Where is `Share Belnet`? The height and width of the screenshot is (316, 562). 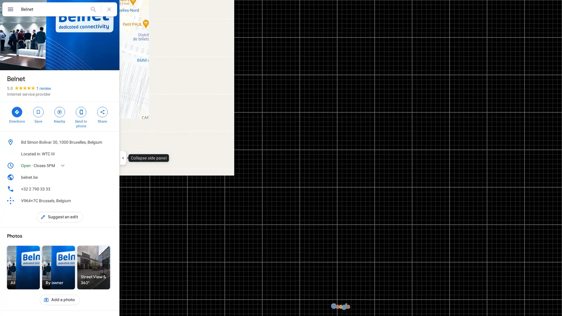
Share Belnet is located at coordinates (102, 114).